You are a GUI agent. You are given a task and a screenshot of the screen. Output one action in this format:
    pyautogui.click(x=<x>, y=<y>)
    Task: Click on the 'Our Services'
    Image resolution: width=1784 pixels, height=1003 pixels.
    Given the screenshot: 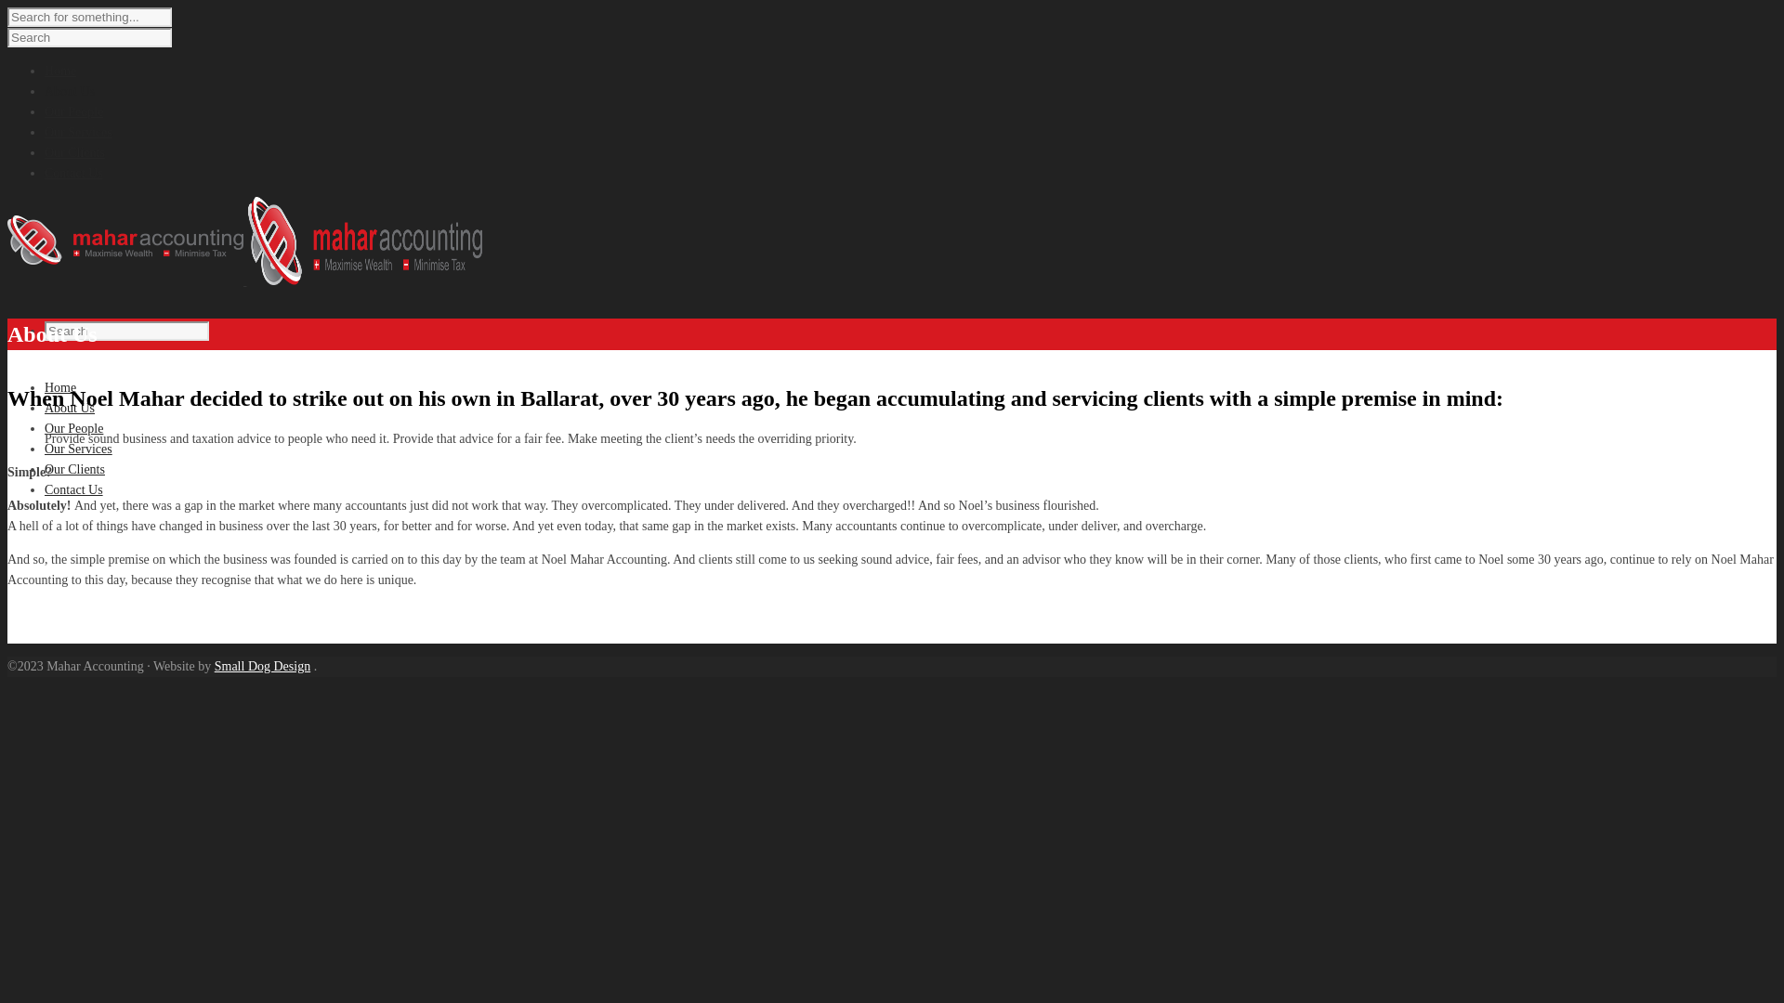 What is the action you would take?
    pyautogui.click(x=77, y=131)
    